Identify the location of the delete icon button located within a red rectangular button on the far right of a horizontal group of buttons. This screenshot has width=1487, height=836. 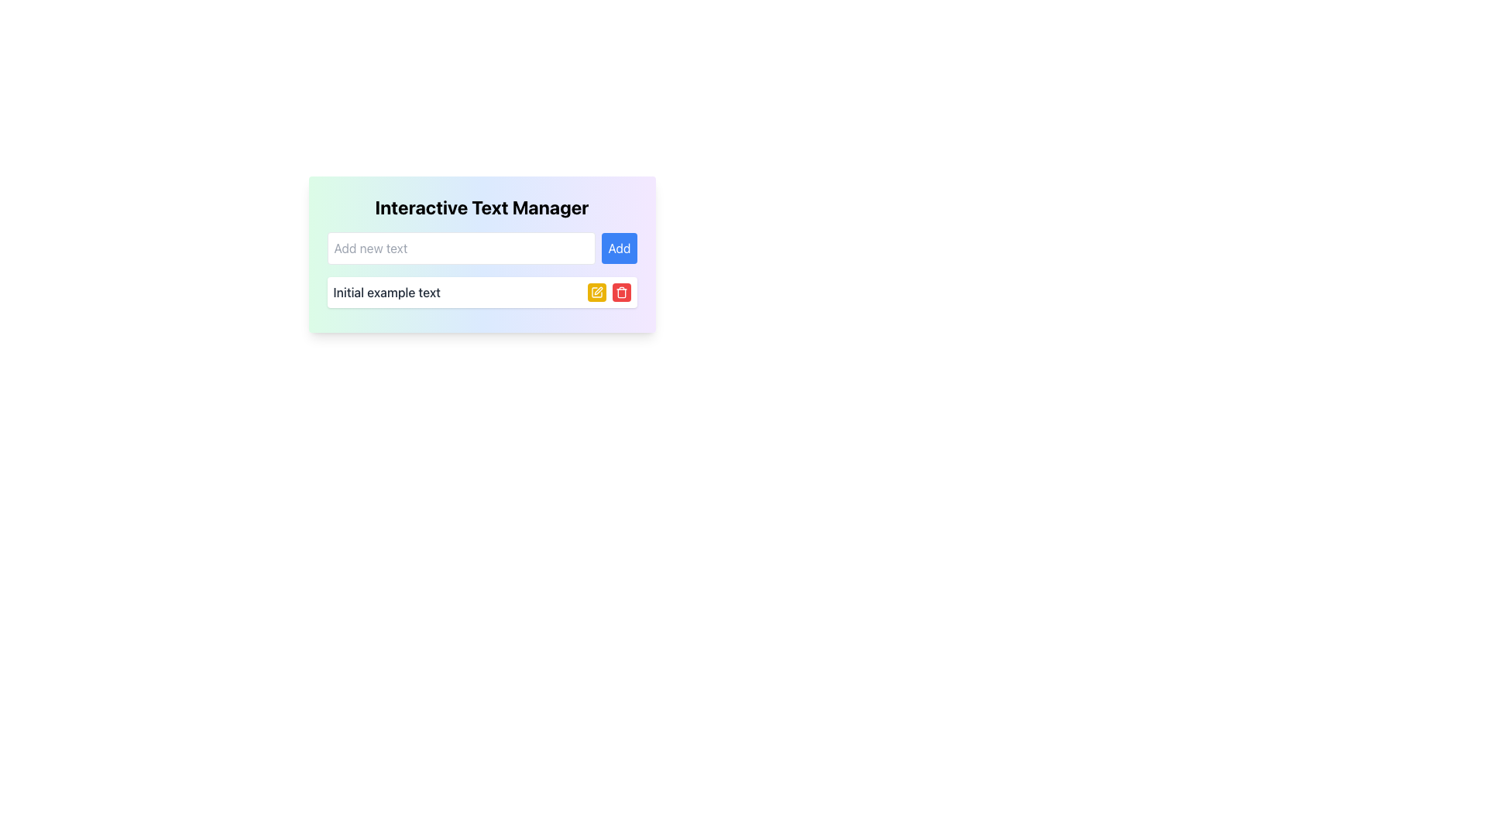
(621, 293).